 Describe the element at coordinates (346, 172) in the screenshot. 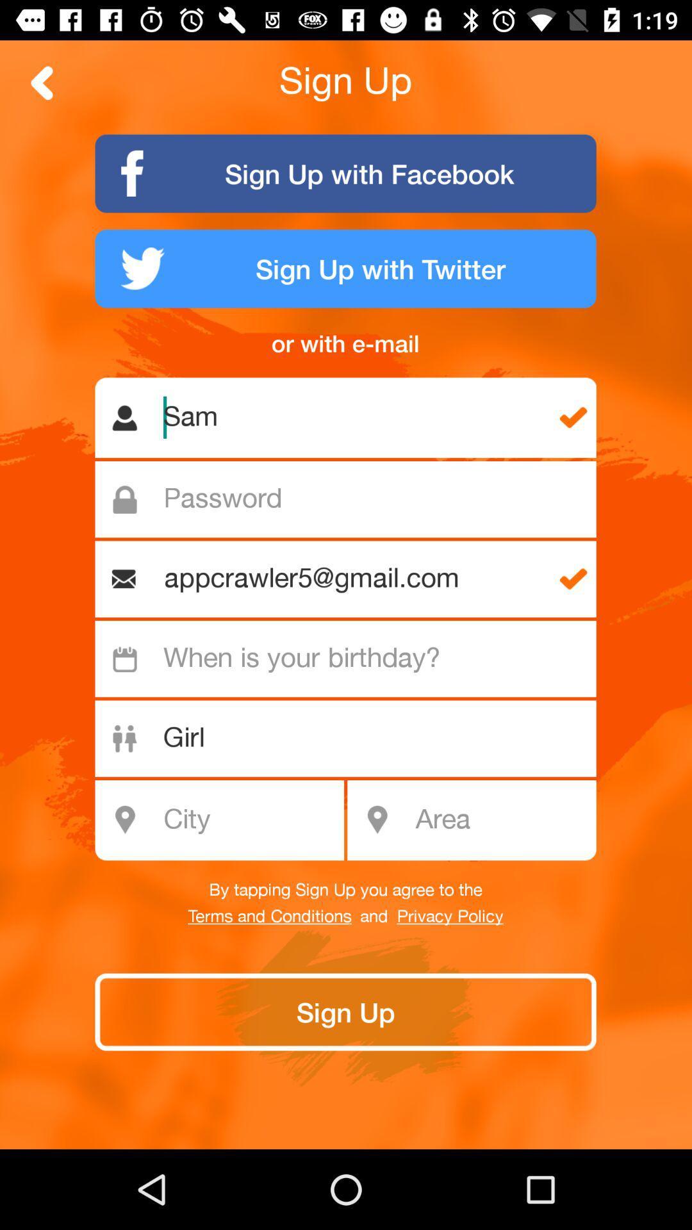

I see `the facebook signup below sign up` at that location.